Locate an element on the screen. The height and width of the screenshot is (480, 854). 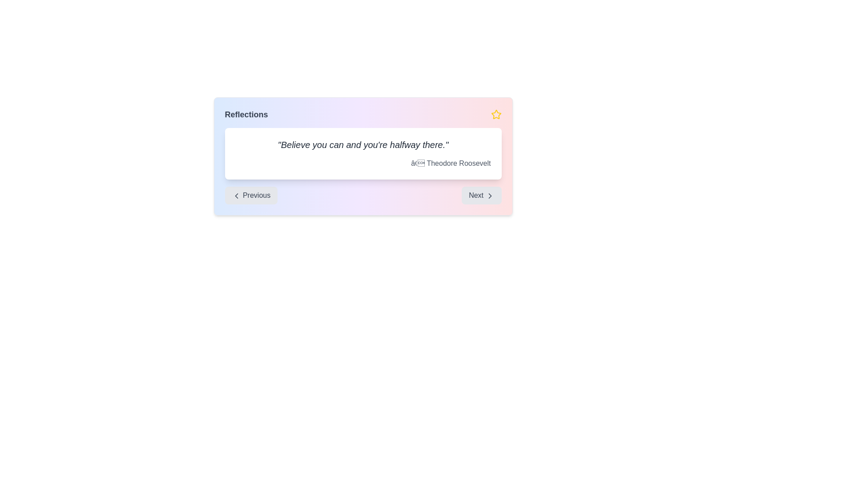
the 'Previous' button, which is a rectangular button with rounded corners located at the bottom left of the navigation control, displaying the text 'Previous' and an arrow icon pointing left is located at coordinates (250, 195).